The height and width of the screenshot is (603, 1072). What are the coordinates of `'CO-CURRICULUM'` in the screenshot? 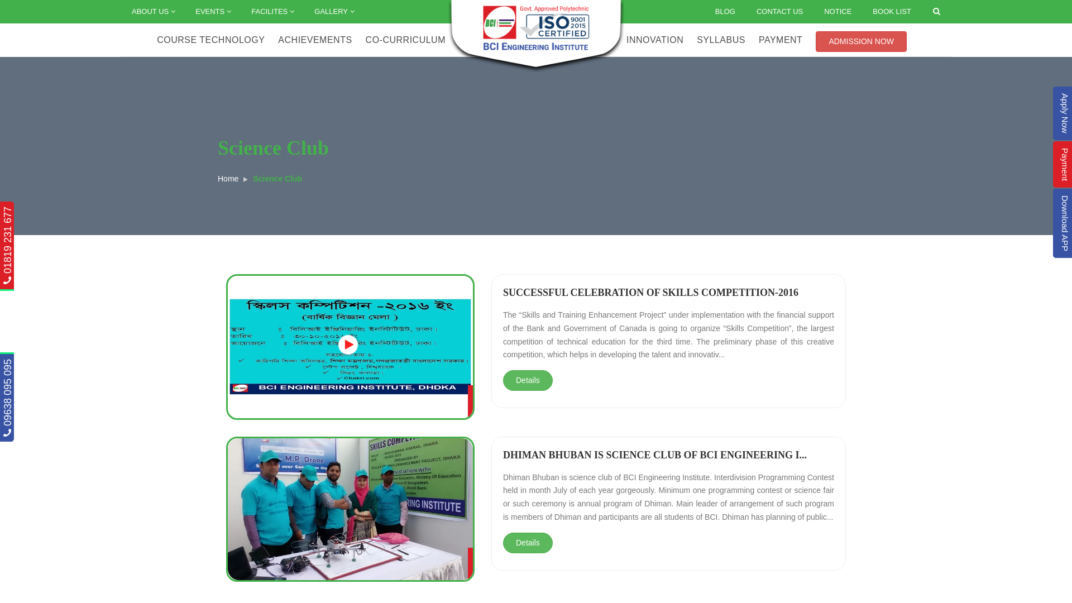 It's located at (405, 41).